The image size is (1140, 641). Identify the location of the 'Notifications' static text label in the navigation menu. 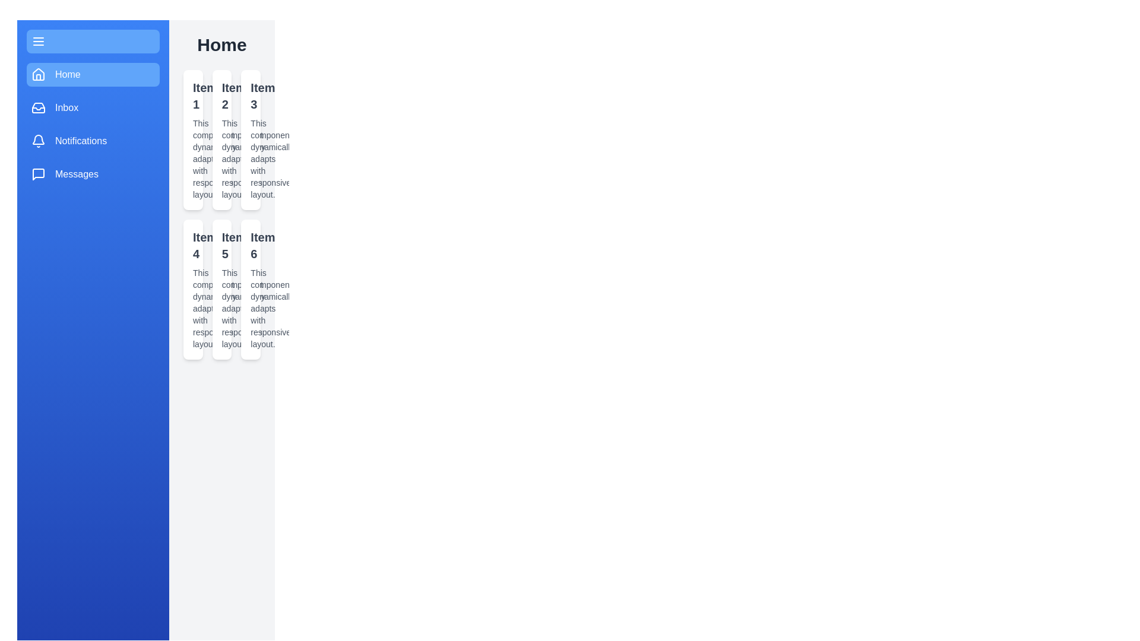
(80, 141).